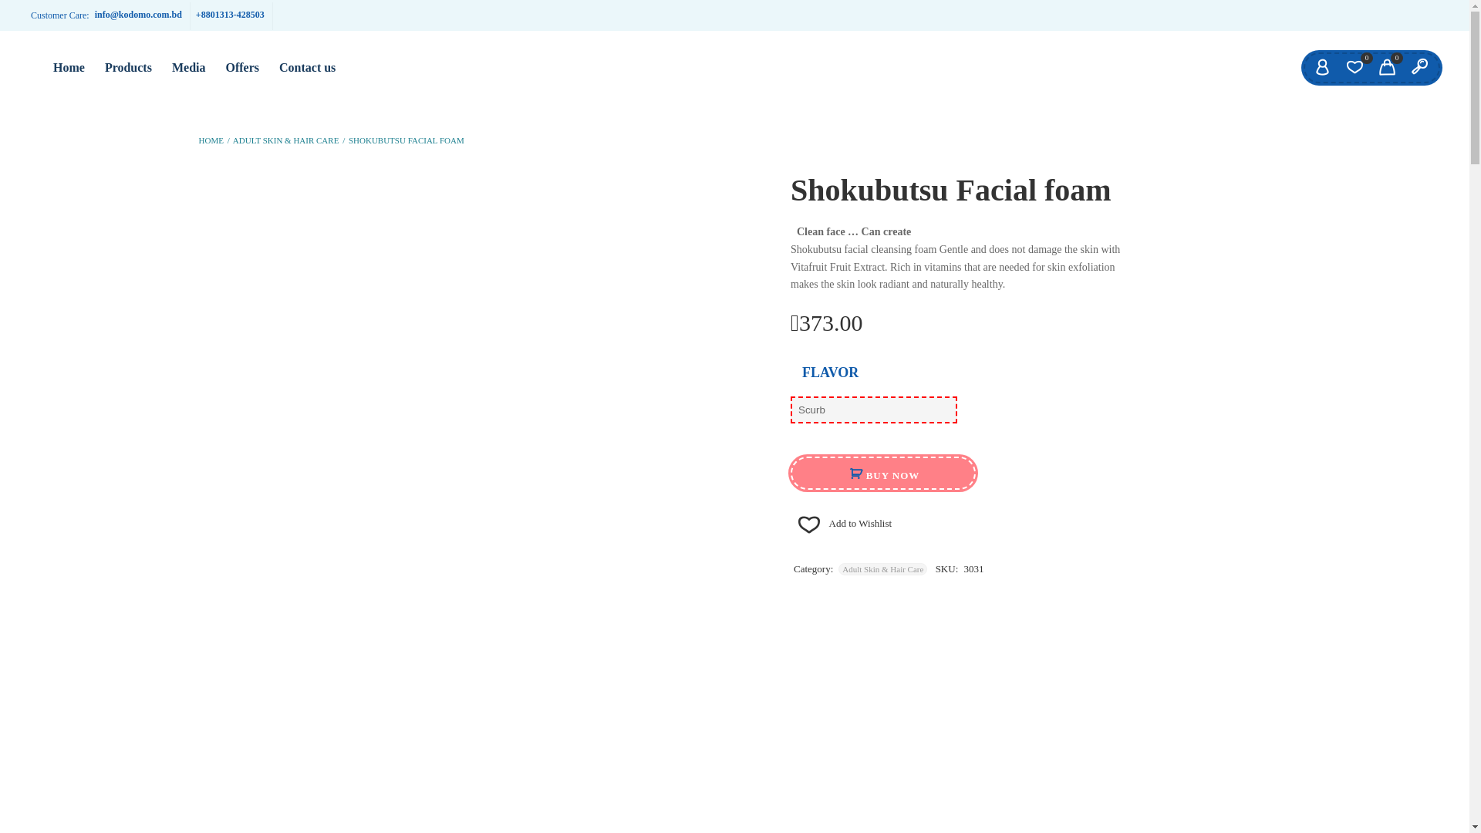 The image size is (1481, 833). I want to click on 'info@kodomo.com.bd', so click(138, 15).